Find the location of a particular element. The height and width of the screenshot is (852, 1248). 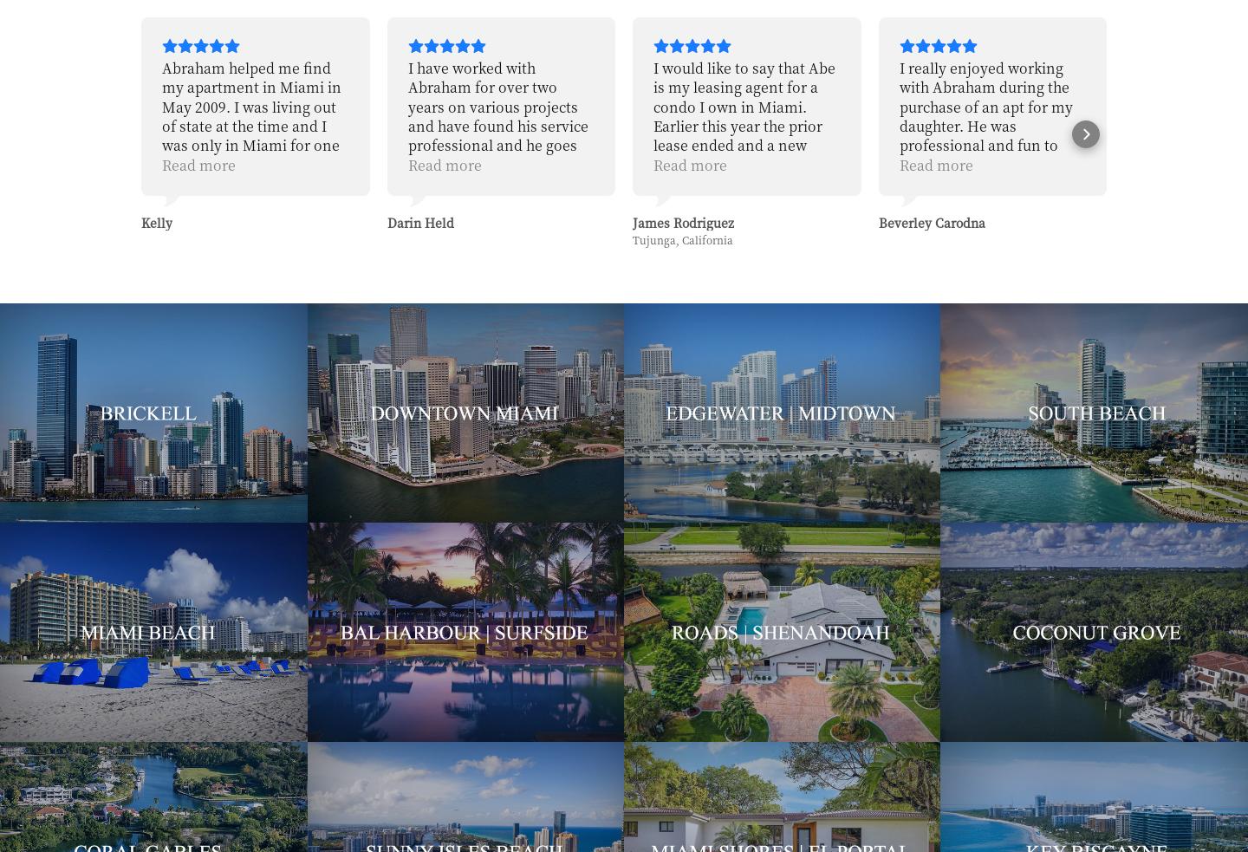

'James Rodriguez' is located at coordinates (436, 222).